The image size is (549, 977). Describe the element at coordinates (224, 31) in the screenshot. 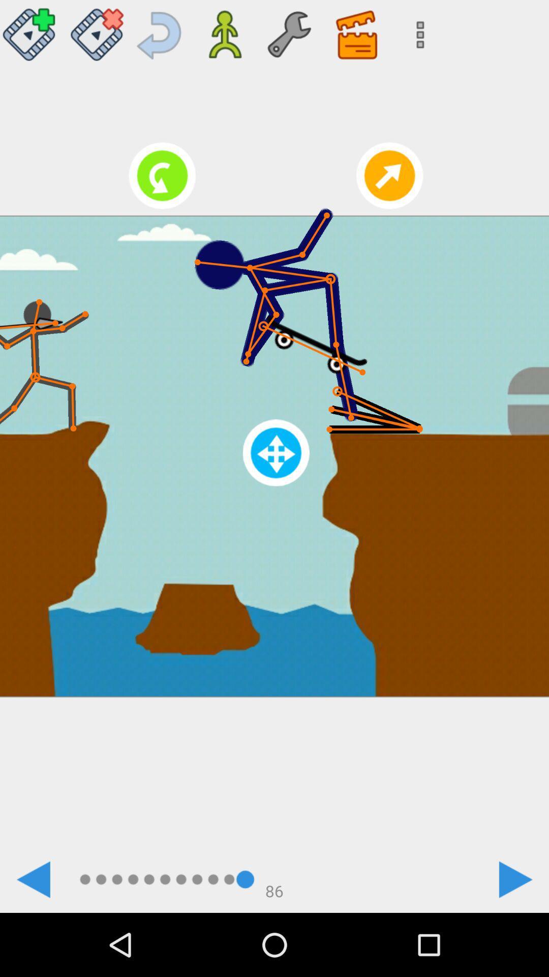

I see `the avatar icon` at that location.